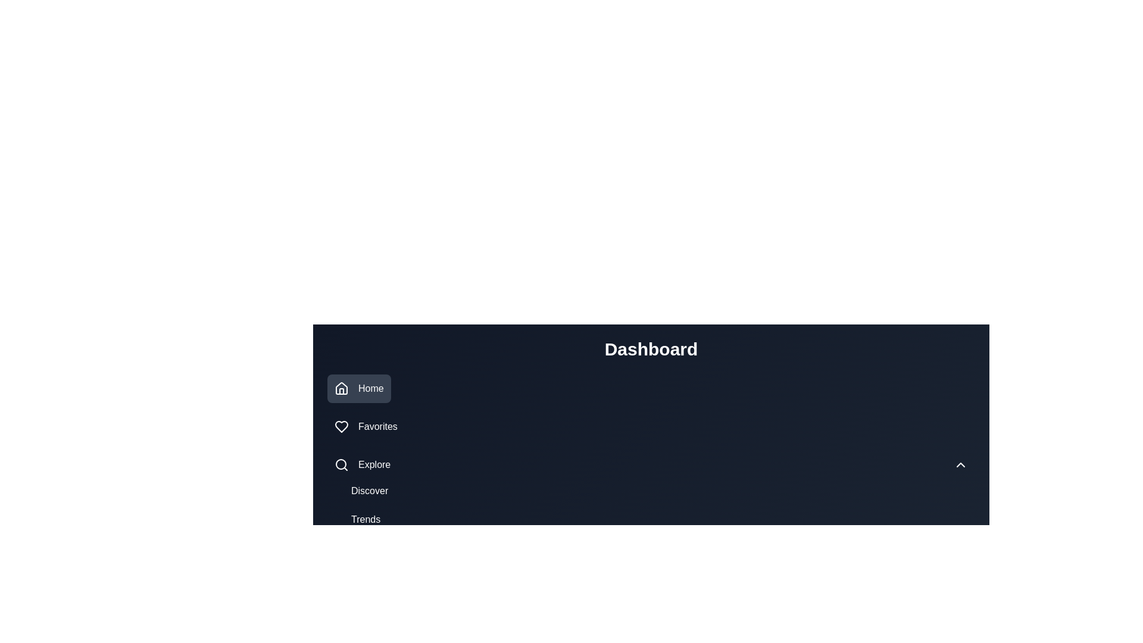 The height and width of the screenshot is (643, 1143). Describe the element at coordinates (365, 519) in the screenshot. I see `the 'Trends' menu item located in the 'DiscoverTrends' section` at that location.